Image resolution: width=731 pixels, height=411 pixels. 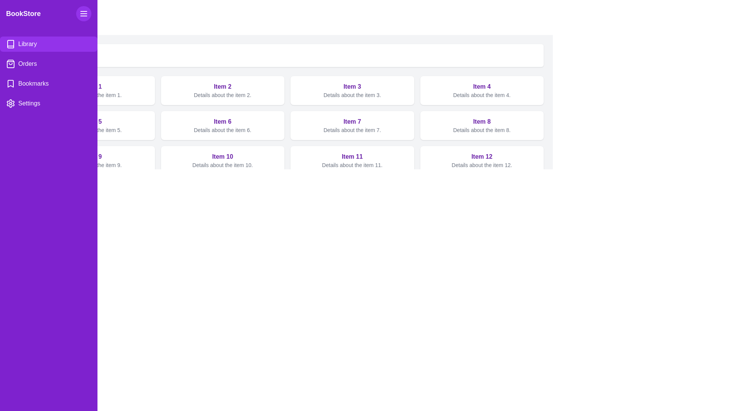 I want to click on title and details text from the informational card displaying information about item 3, located in the first row and third column of the grid layout, so click(x=352, y=90).